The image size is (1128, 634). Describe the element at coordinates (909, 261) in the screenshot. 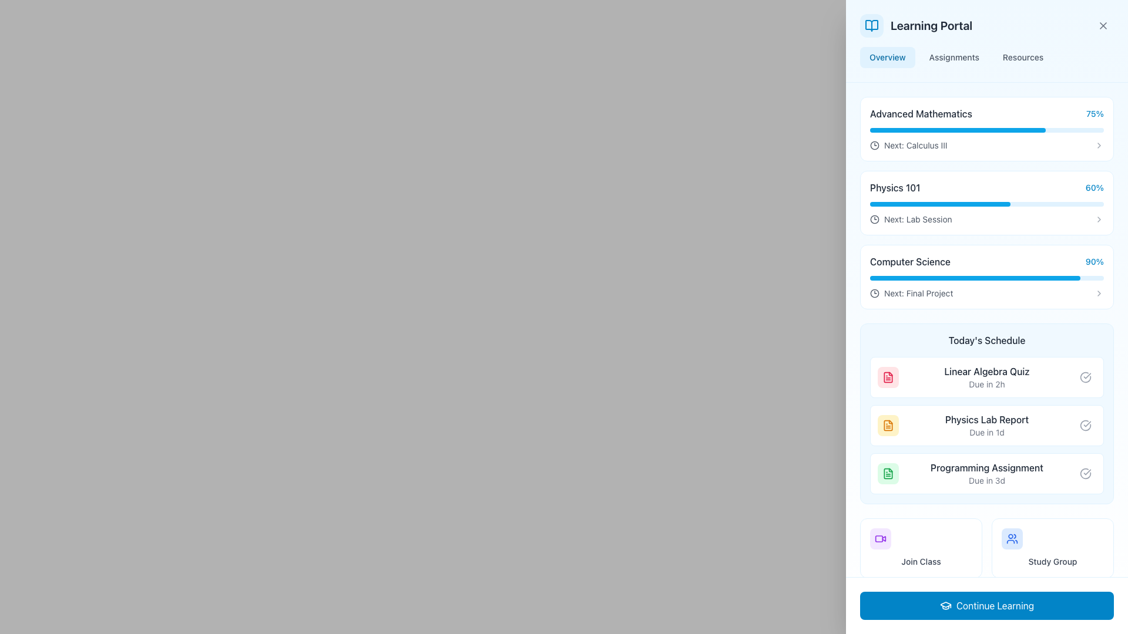

I see `the static text label displaying 'Computer Science' that is located to the left of the '90%' text, under the 'Physics 101' section and above the 'Today’s Schedule' section` at that location.